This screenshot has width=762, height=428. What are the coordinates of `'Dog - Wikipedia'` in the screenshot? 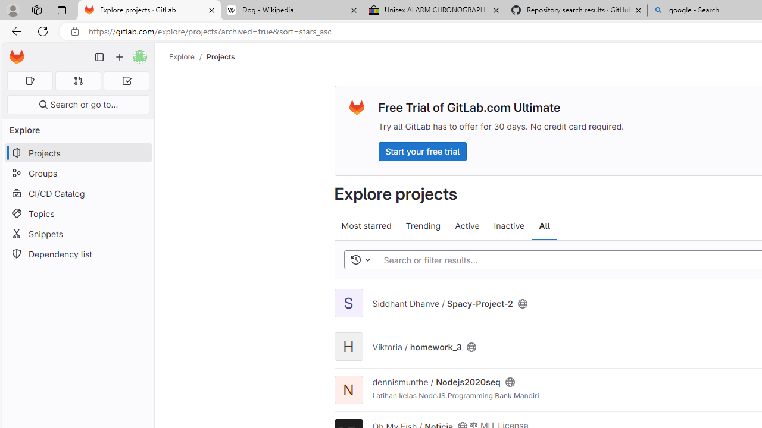 It's located at (292, 10).